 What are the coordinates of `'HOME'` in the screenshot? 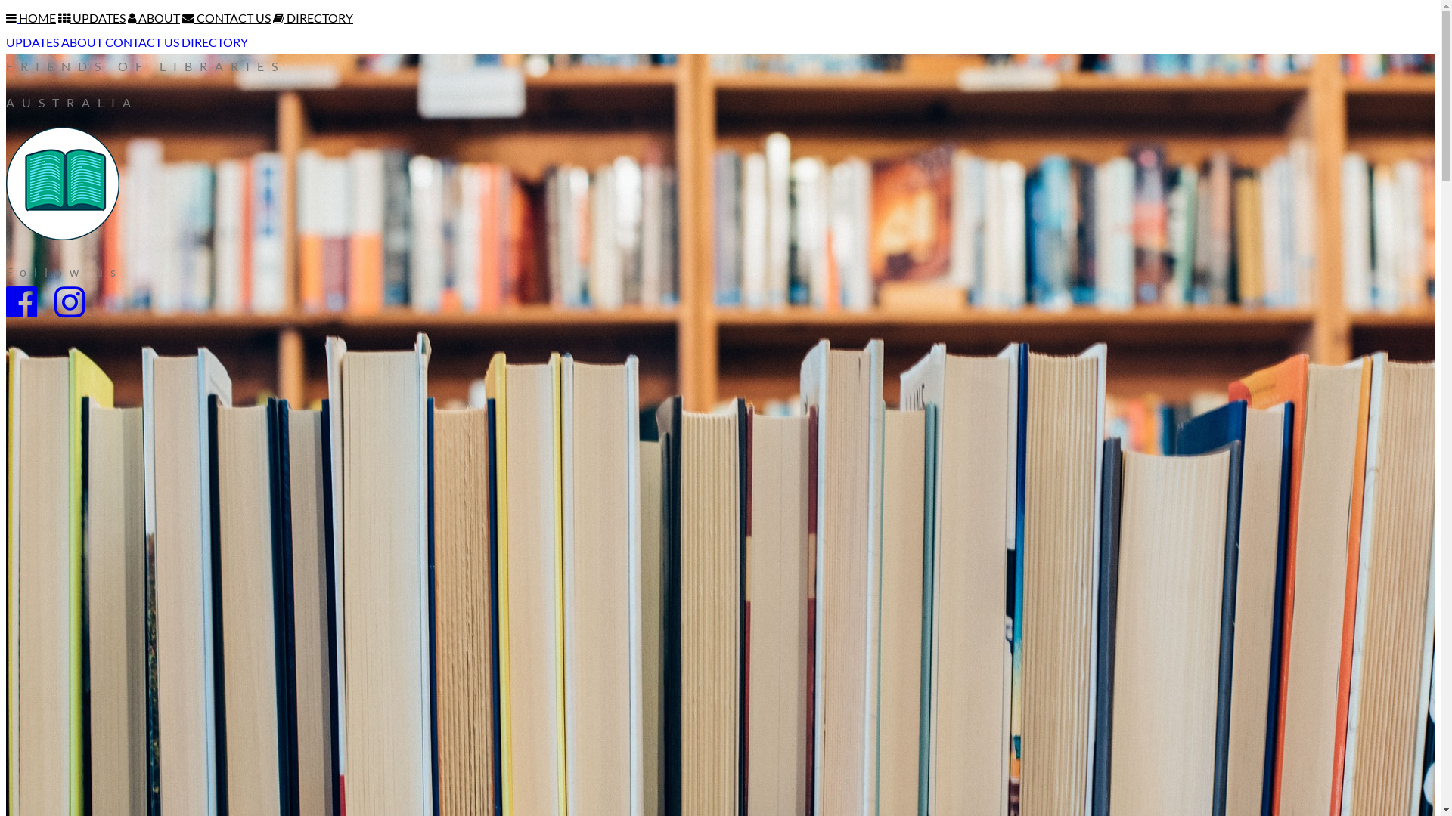 It's located at (37, 17).